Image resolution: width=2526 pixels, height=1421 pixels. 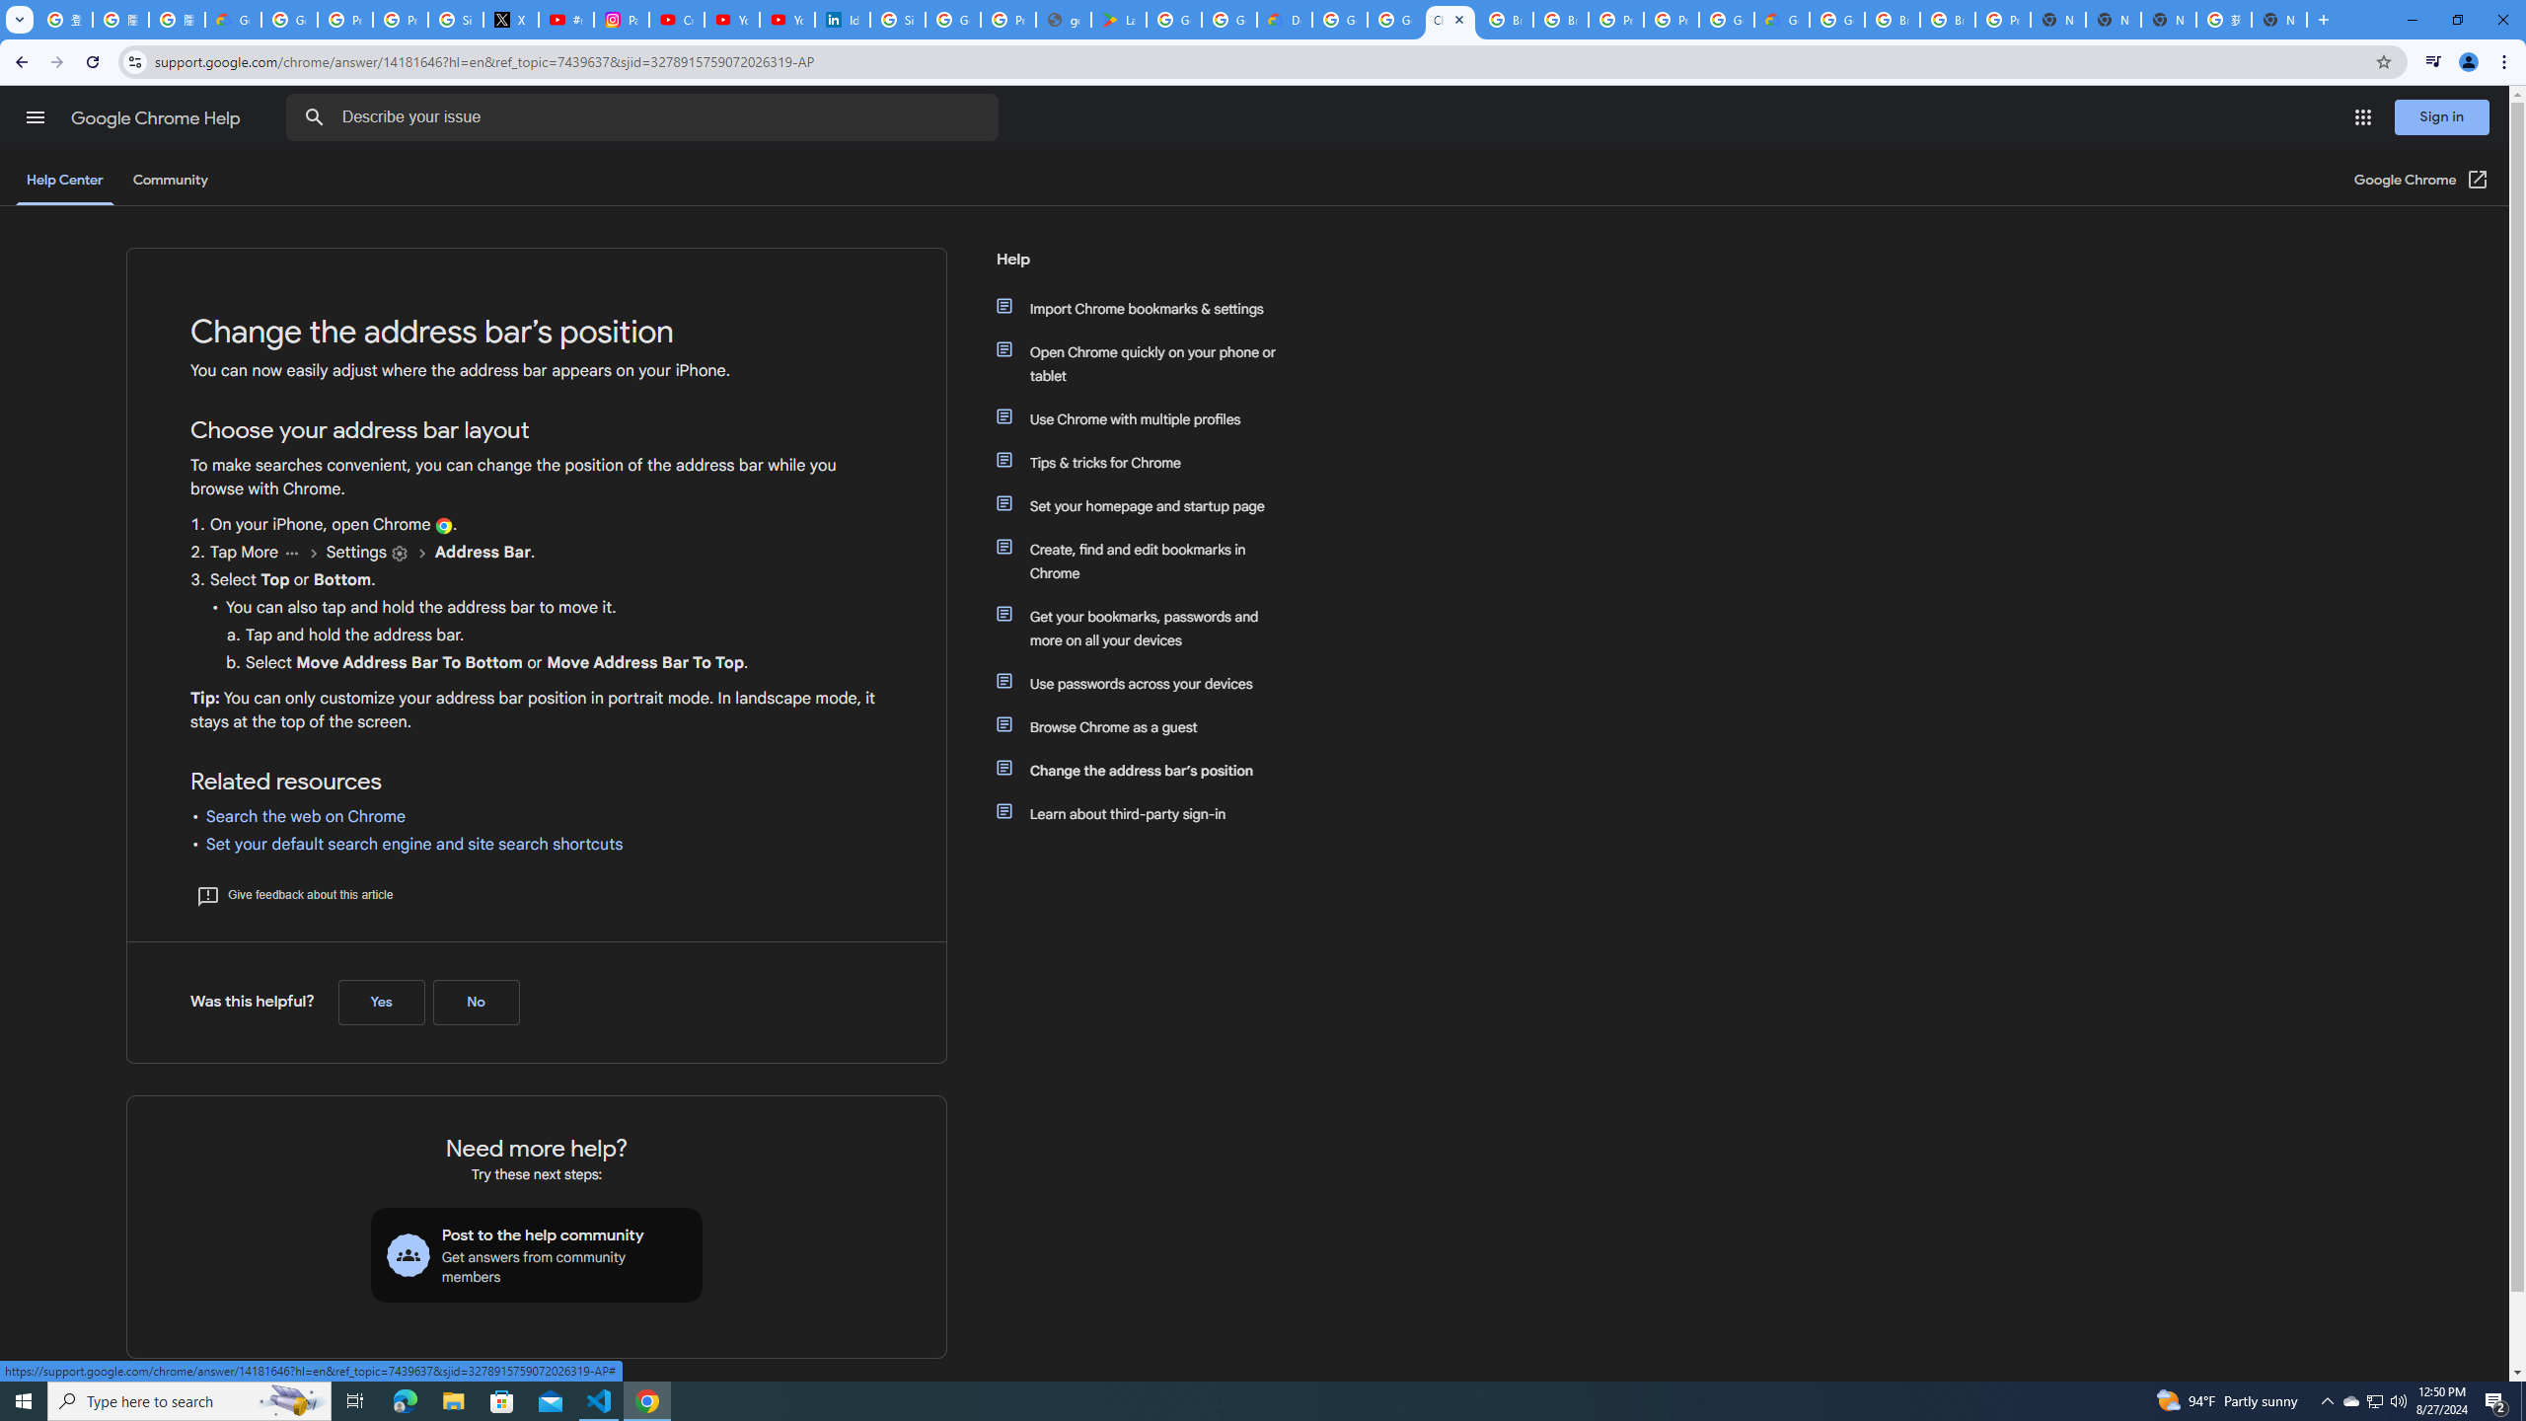 What do you see at coordinates (1147, 684) in the screenshot?
I see `'Use passwords across your devices'` at bounding box center [1147, 684].